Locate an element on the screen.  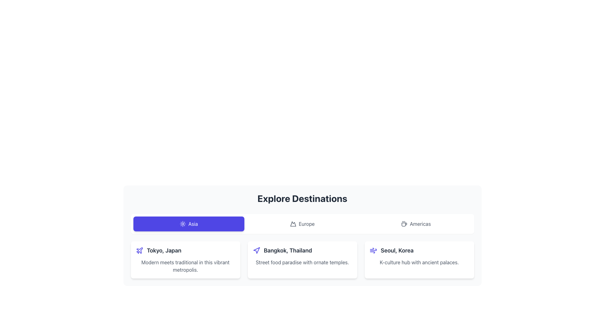
the navigation icon located in the card labeled 'Bangkok, Thailand', positioned to the left of the text and title is located at coordinates (257, 250).